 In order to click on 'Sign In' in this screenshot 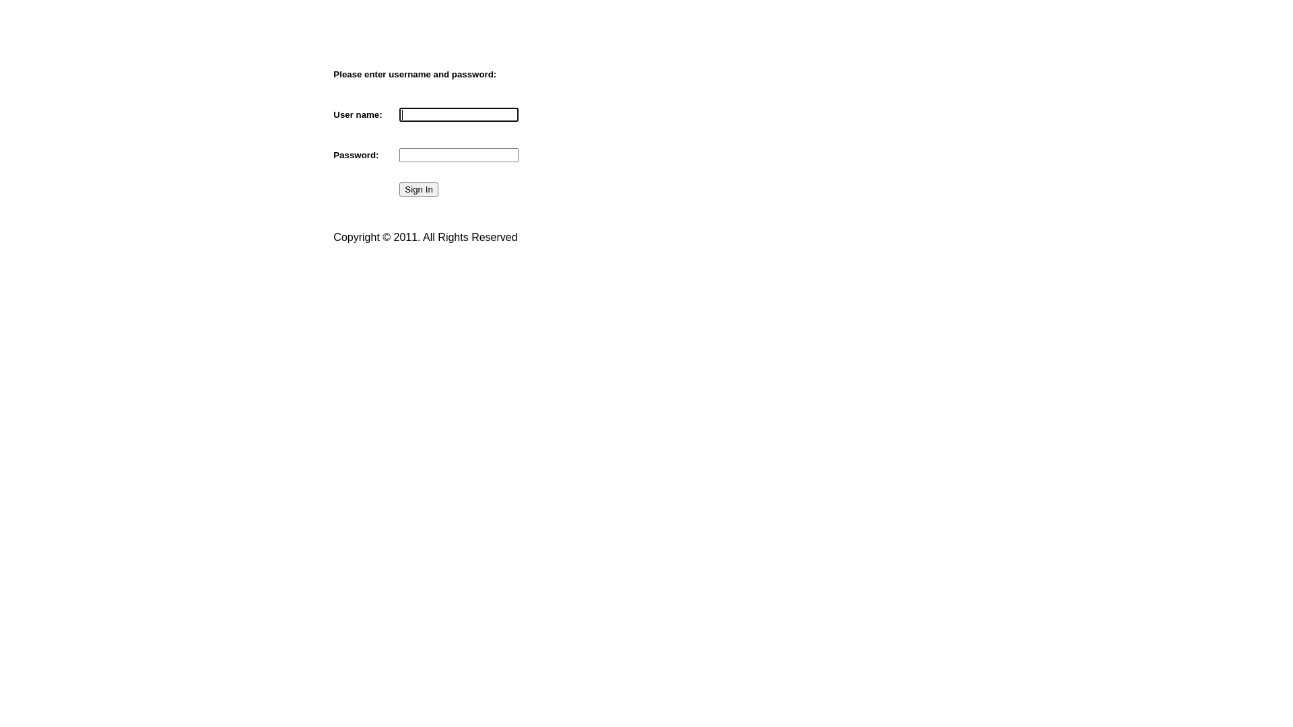, I will do `click(418, 189)`.